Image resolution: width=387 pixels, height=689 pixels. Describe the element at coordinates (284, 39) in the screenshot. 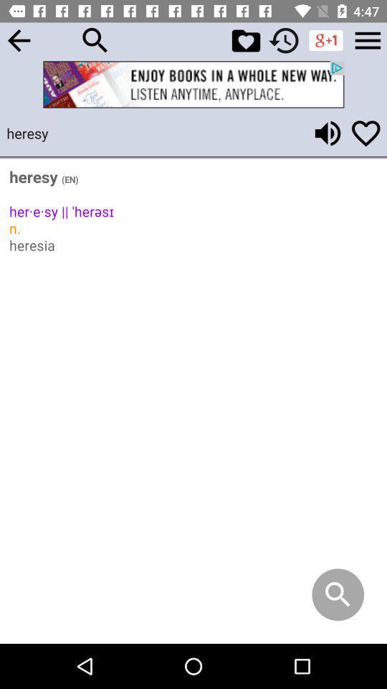

I see `timer` at that location.